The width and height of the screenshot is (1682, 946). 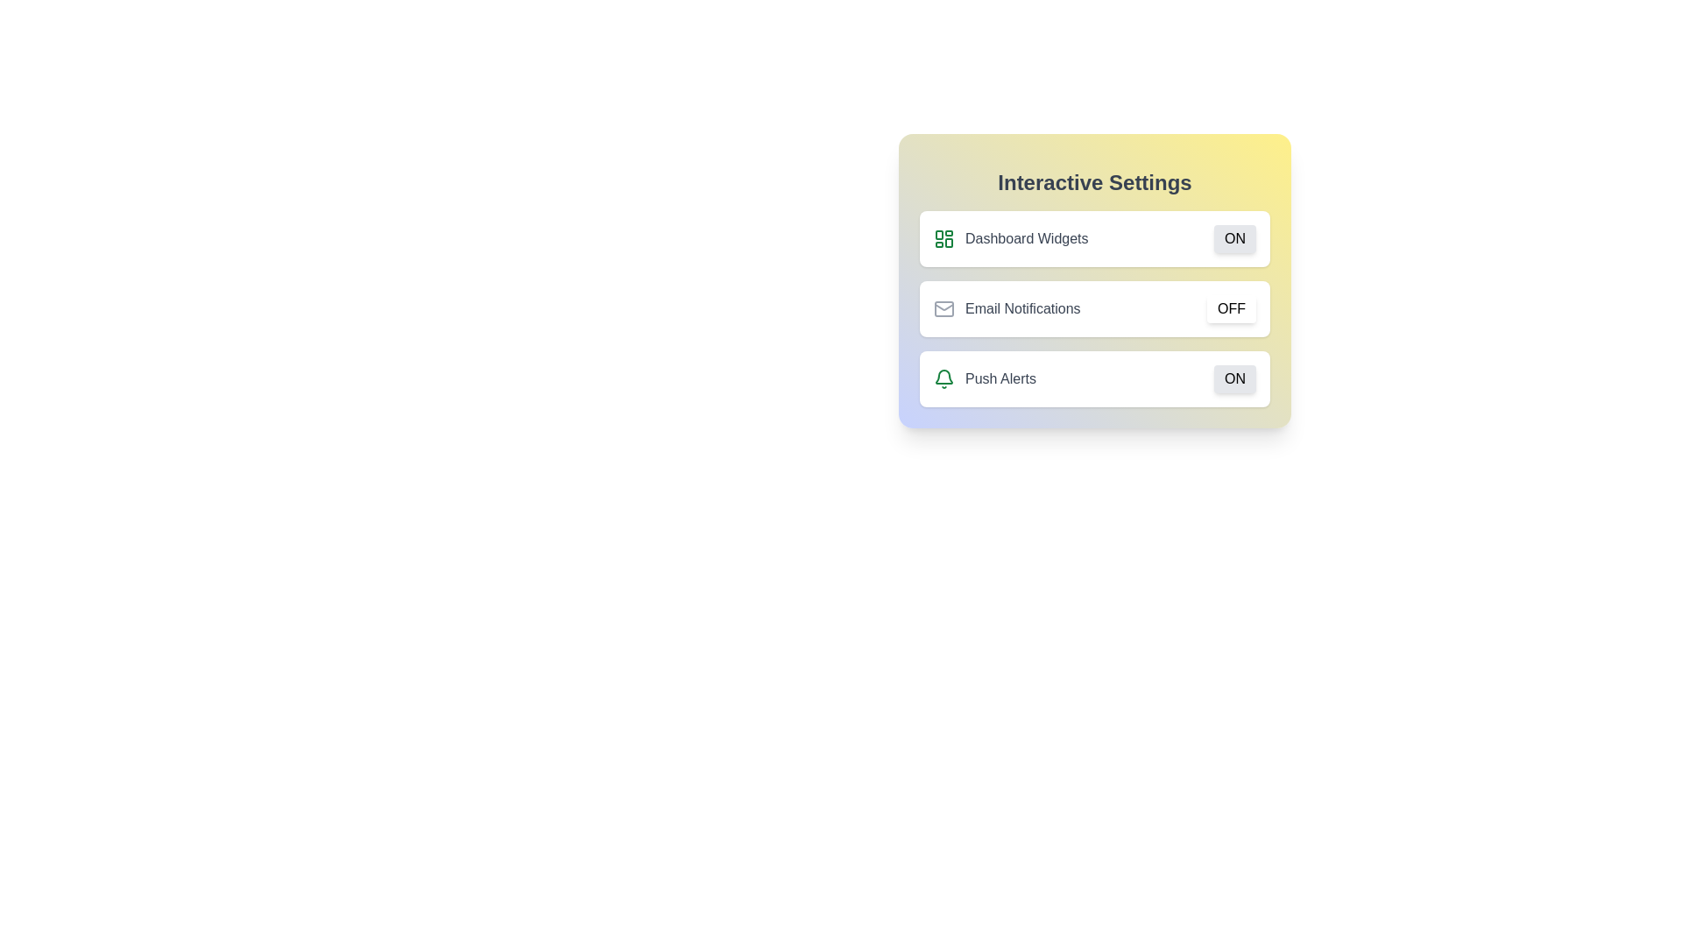 I want to click on the container of the setting Push Alerts, so click(x=1093, y=378).